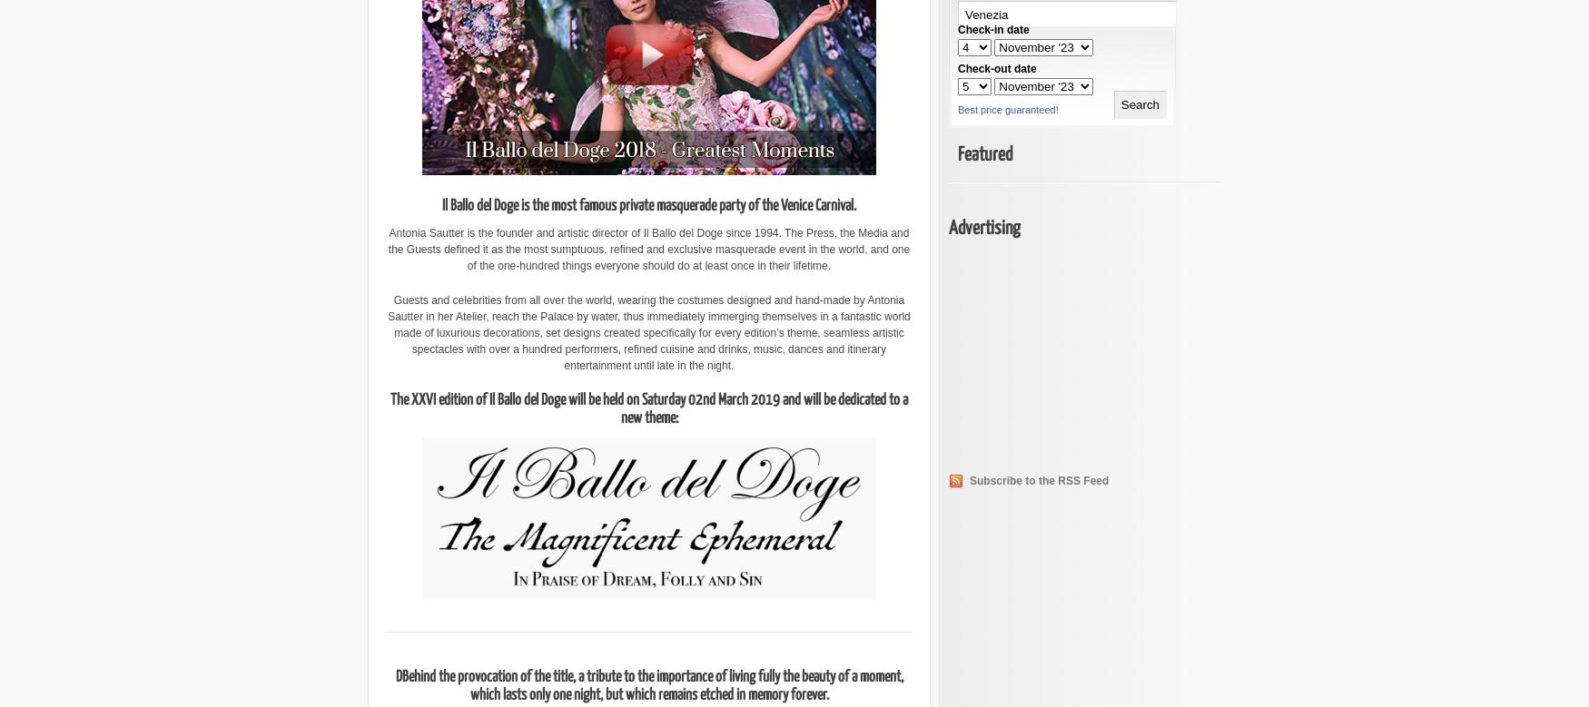 The width and height of the screenshot is (1589, 707). I want to click on 'Saturday 02nd March 2019', so click(709, 399).